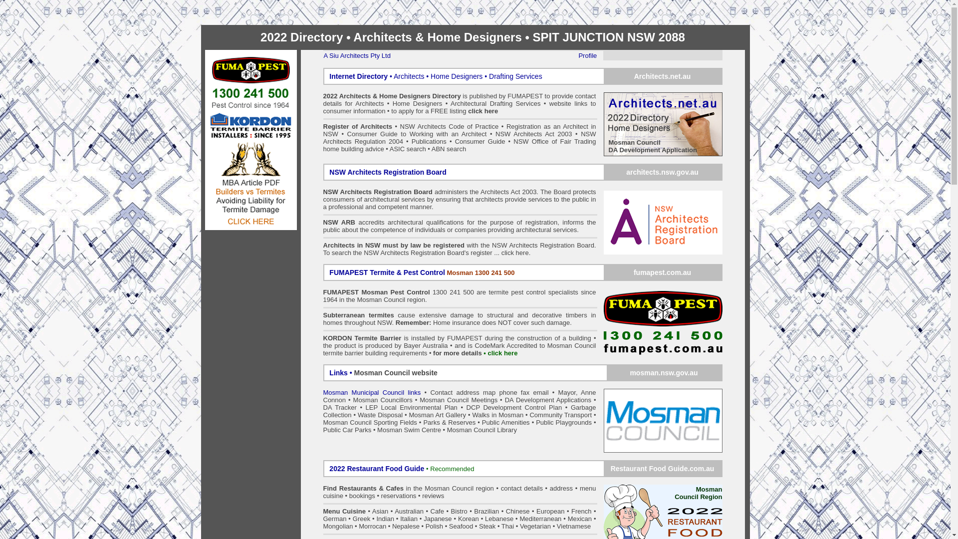 This screenshot has width=958, height=539. Describe the element at coordinates (495, 133) in the screenshot. I see `'NSW Architects Act 2003'` at that location.